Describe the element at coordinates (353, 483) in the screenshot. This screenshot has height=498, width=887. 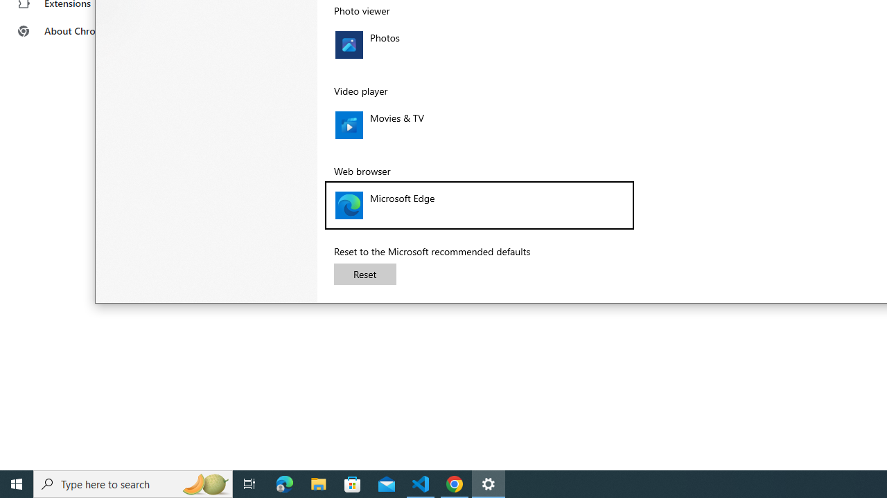
I see `'Microsoft Store'` at that location.